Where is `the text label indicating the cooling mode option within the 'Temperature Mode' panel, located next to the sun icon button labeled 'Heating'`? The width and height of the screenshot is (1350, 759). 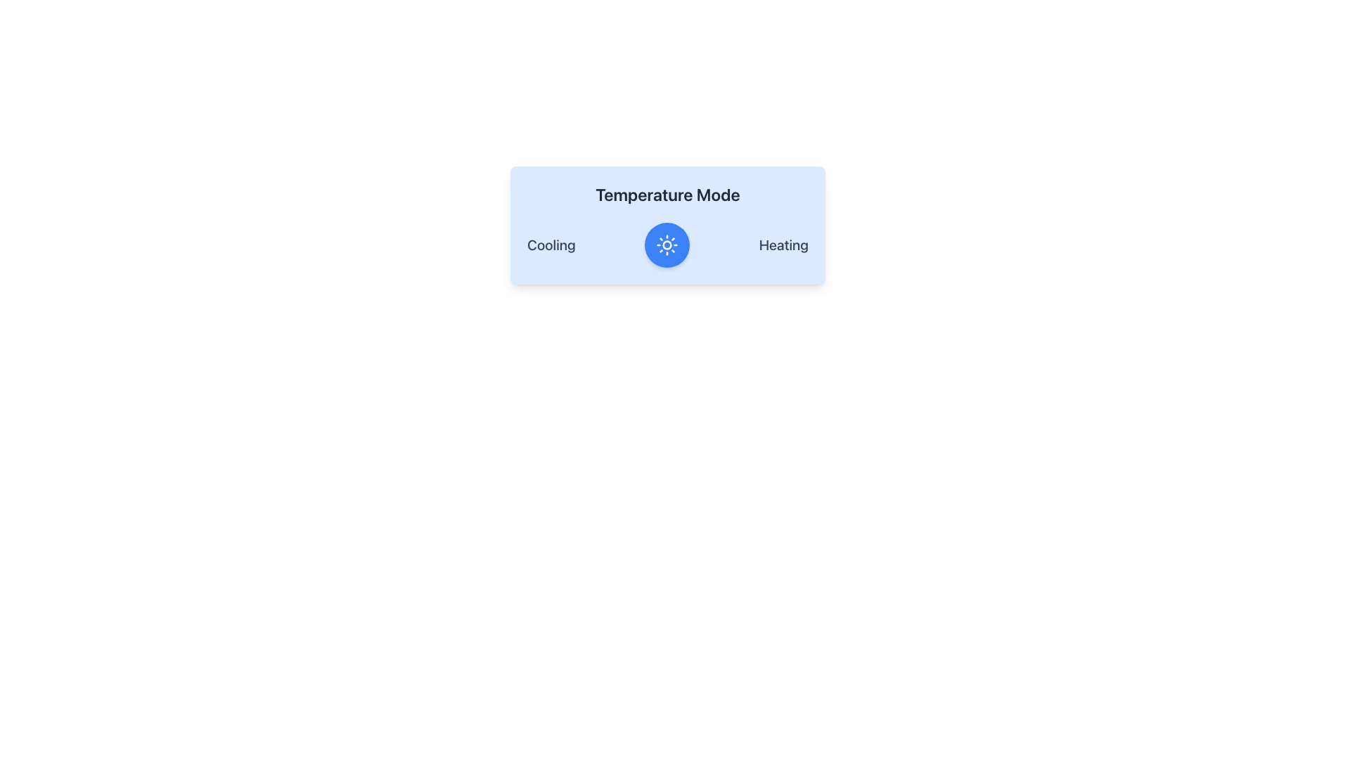
the text label indicating the cooling mode option within the 'Temperature Mode' panel, located next to the sun icon button labeled 'Heating' is located at coordinates (551, 244).